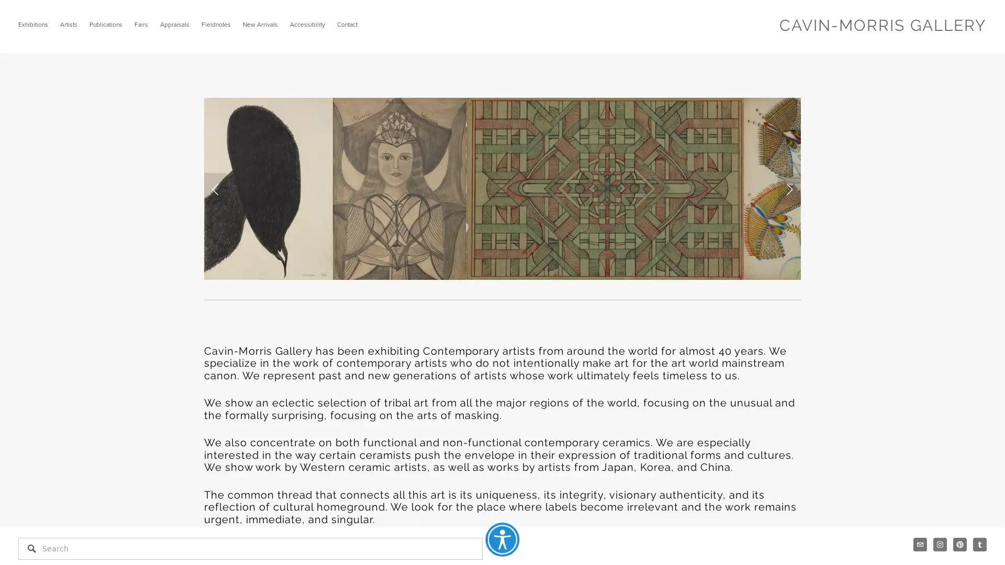 The width and height of the screenshot is (1005, 565). I want to click on Previous Slide, so click(215, 189).